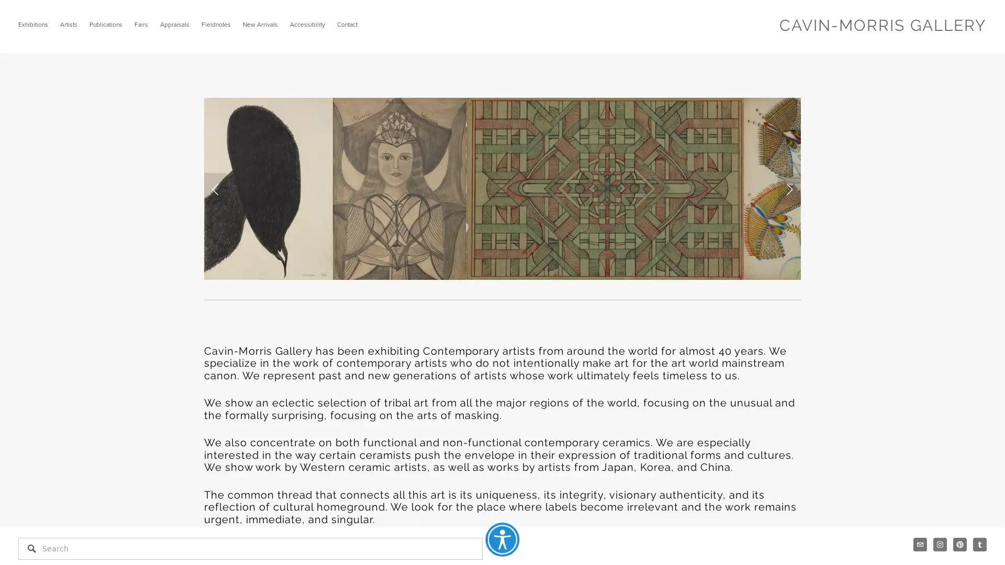 The width and height of the screenshot is (1005, 565). I want to click on Previous Slide, so click(215, 189).